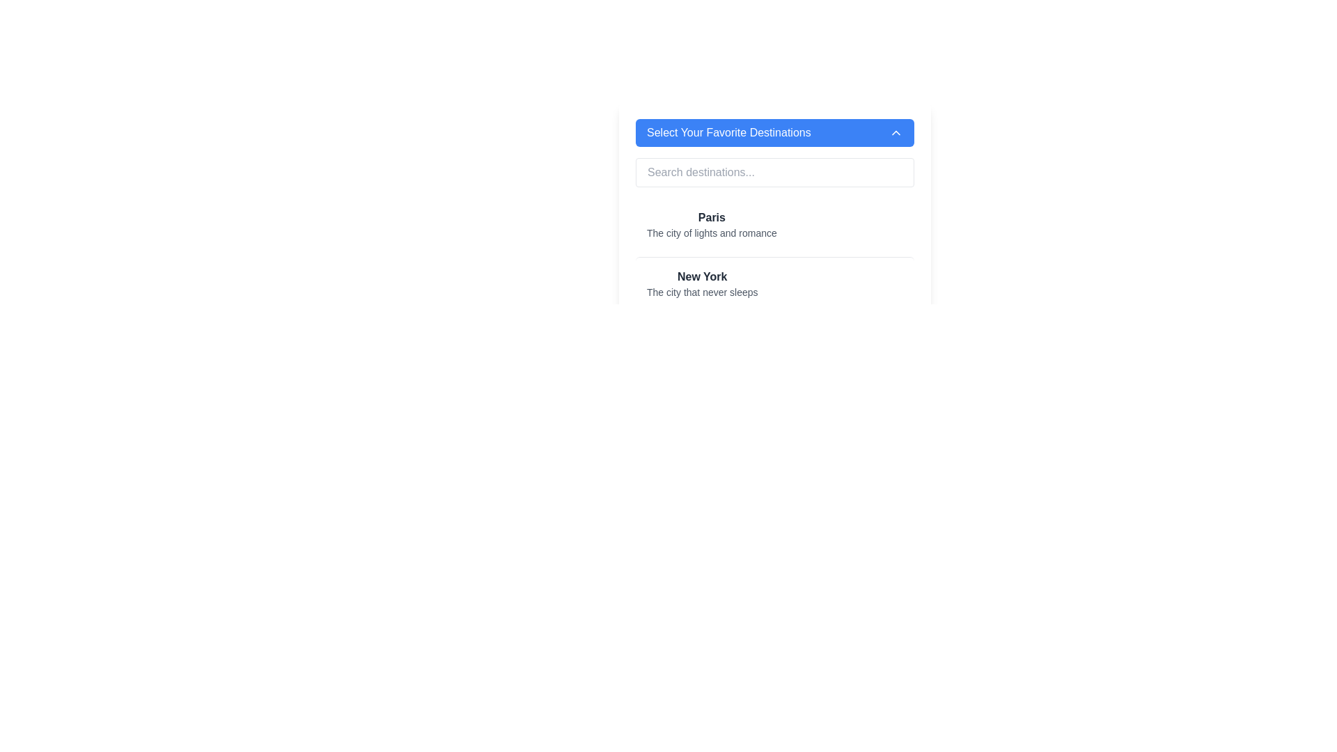  Describe the element at coordinates (702, 283) in the screenshot. I see `the Text block element that provides details about the destination 'New York', located as the second list item under the 'Select Your Favorite Destinations' header` at that location.